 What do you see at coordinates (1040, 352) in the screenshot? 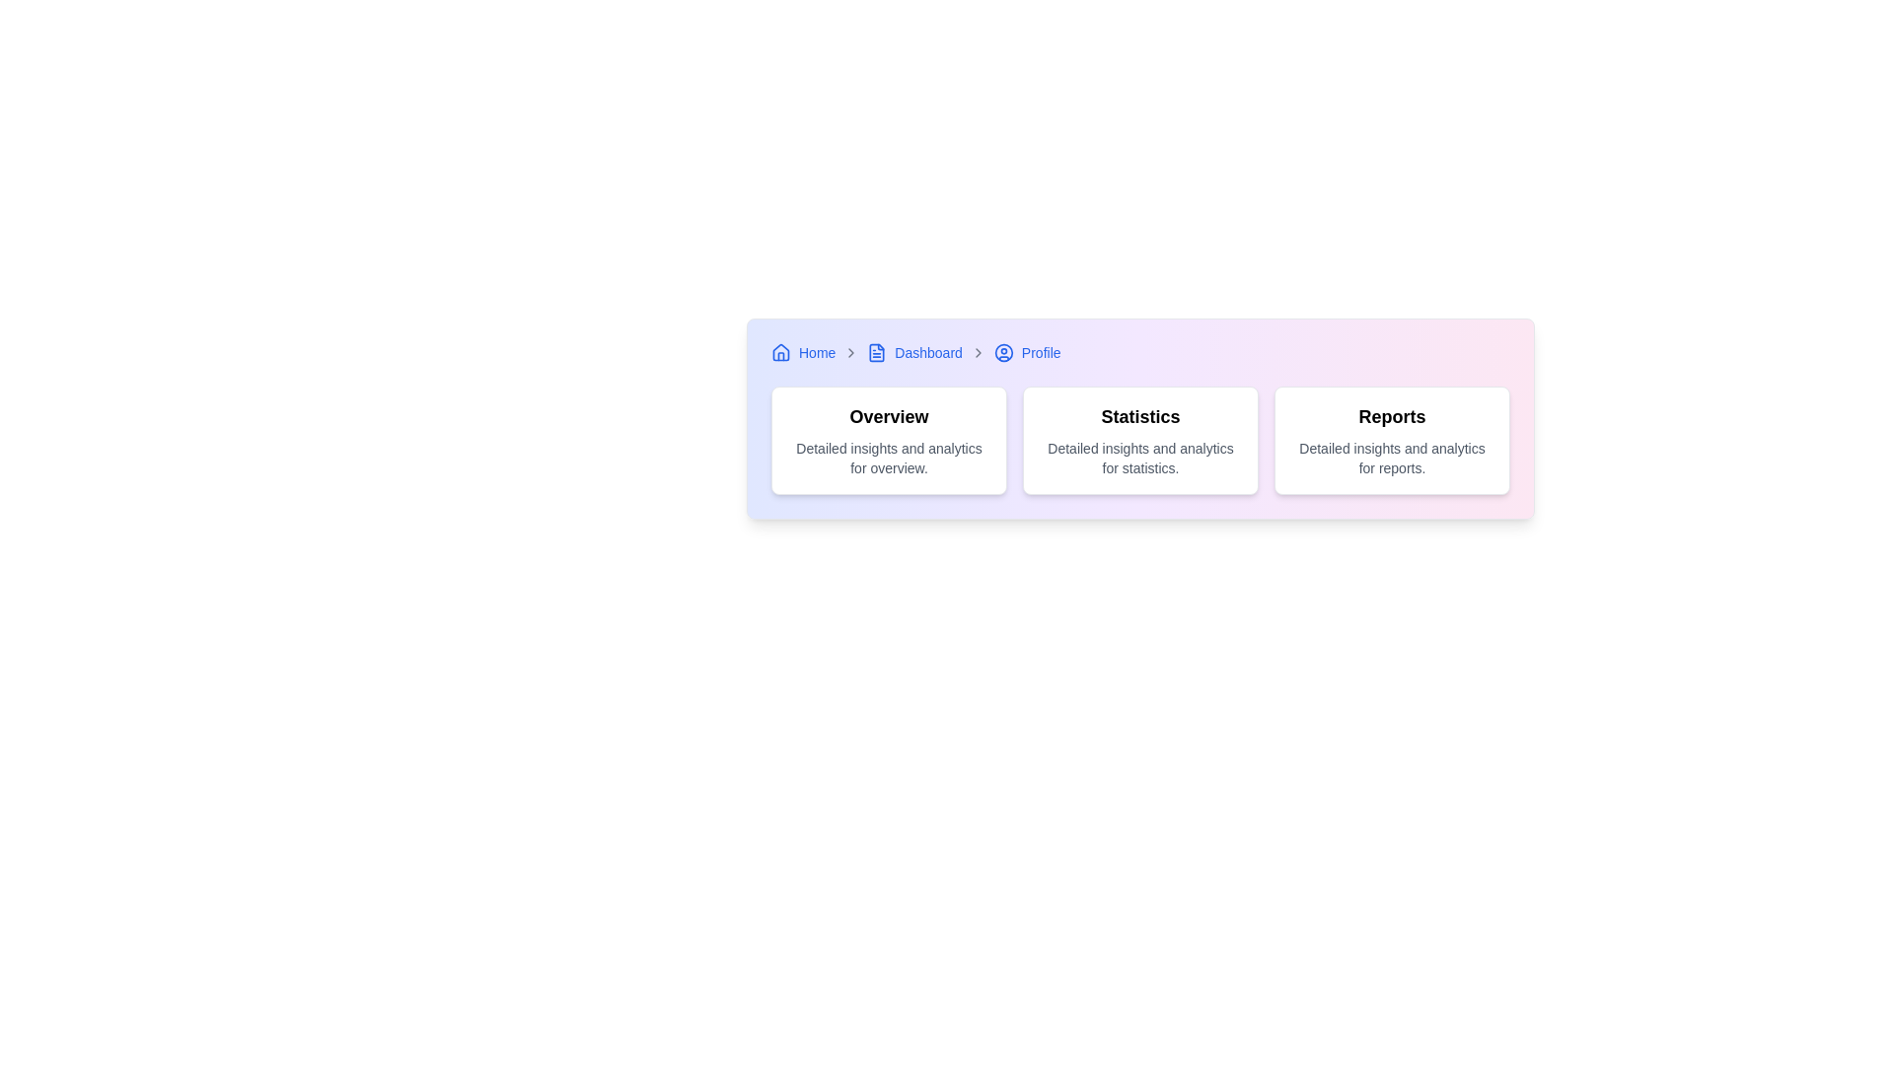
I see `the text link in the top-right corner of the navigation bar to underline it, which redirects to the '/profile' page` at bounding box center [1040, 352].